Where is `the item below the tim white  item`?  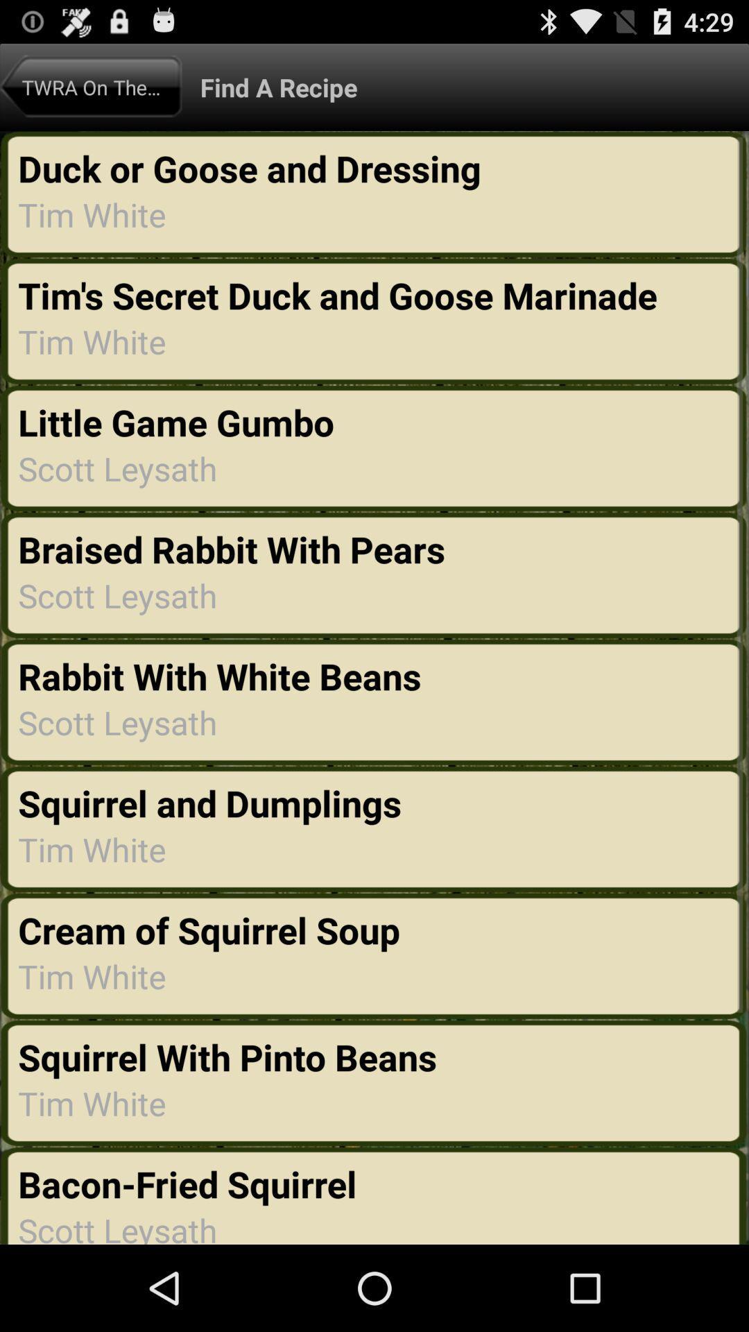 the item below the tim white  item is located at coordinates (227, 1056).